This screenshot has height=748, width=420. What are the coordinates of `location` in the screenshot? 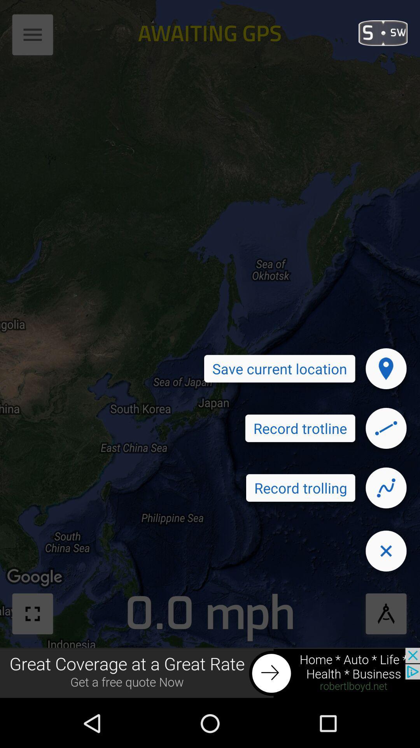 It's located at (386, 368).